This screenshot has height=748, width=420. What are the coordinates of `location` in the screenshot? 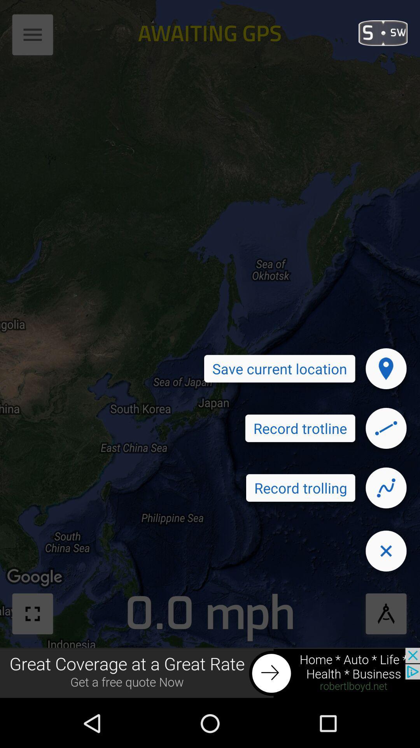 It's located at (386, 368).